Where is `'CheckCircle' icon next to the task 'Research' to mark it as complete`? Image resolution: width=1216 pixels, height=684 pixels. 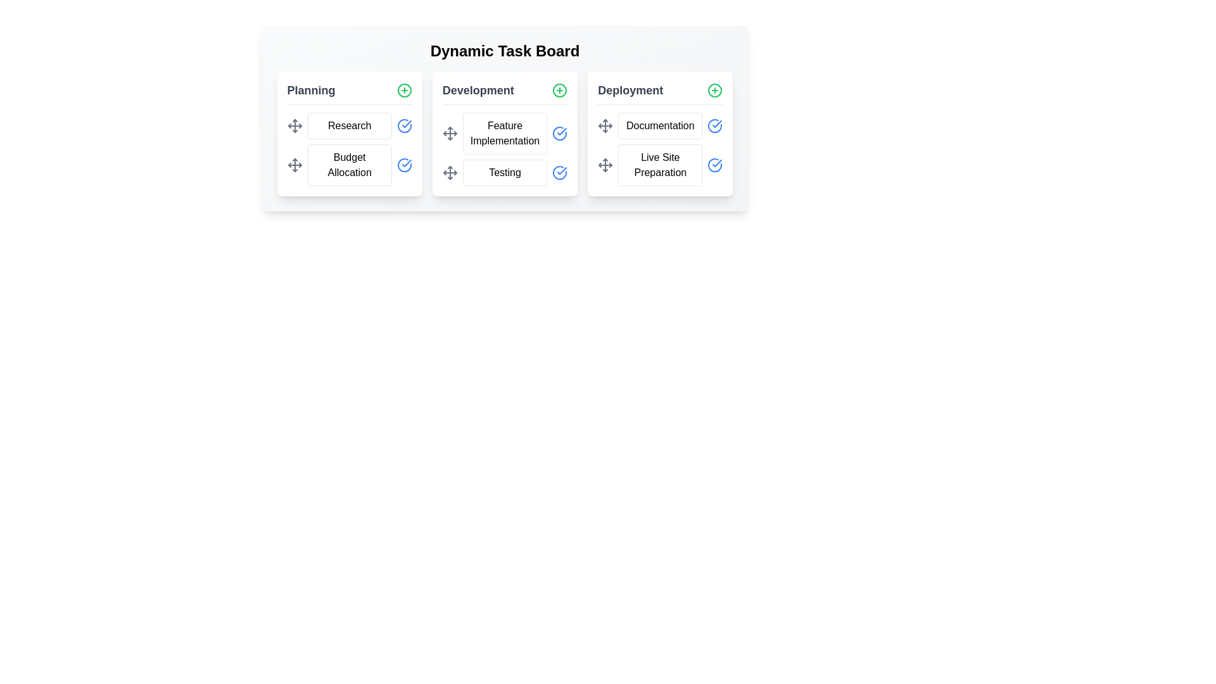 'CheckCircle' icon next to the task 'Research' to mark it as complete is located at coordinates (403, 126).